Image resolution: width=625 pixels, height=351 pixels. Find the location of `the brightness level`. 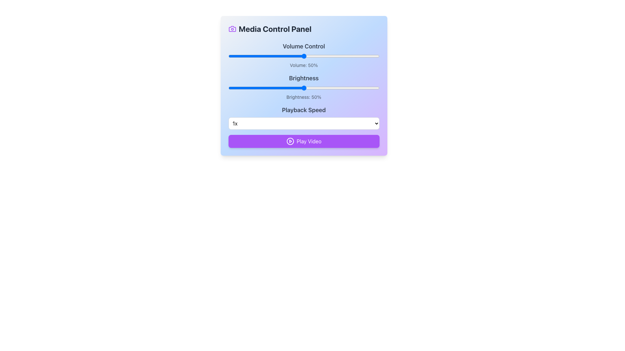

the brightness level is located at coordinates (261, 88).